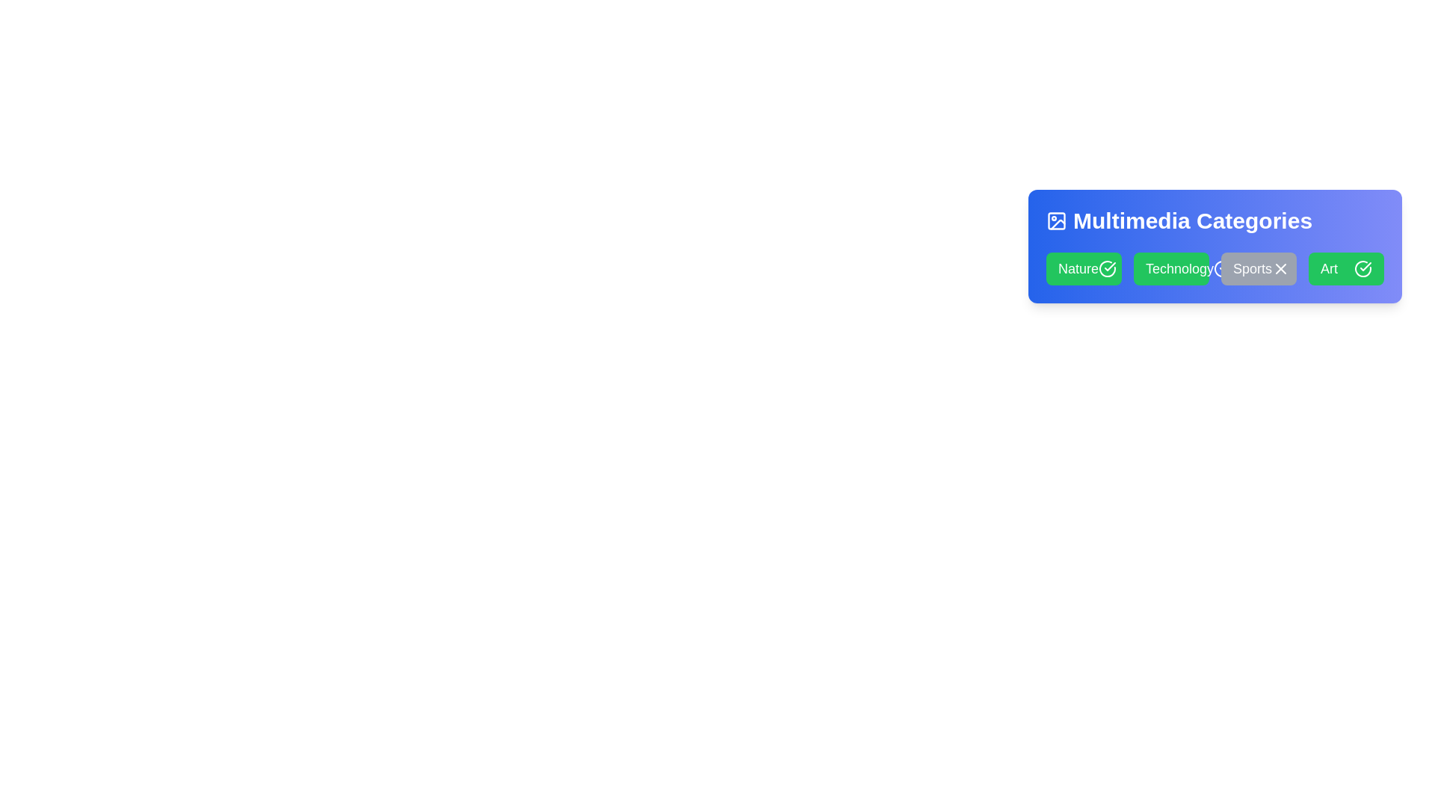 Image resolution: width=1435 pixels, height=807 pixels. Describe the element at coordinates (1363, 268) in the screenshot. I see `the circular icon with a checkmark, which has a green background and is located within the 'Art' button in the 'Multimedia Categories' section` at that location.